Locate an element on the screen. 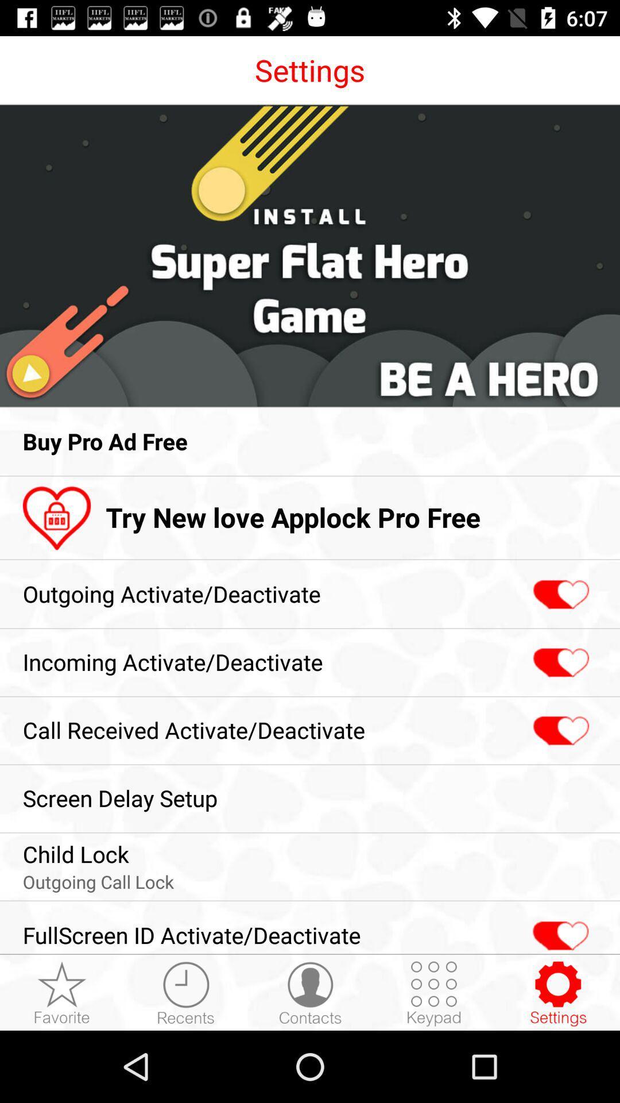  switch to contacts is located at coordinates (310, 993).